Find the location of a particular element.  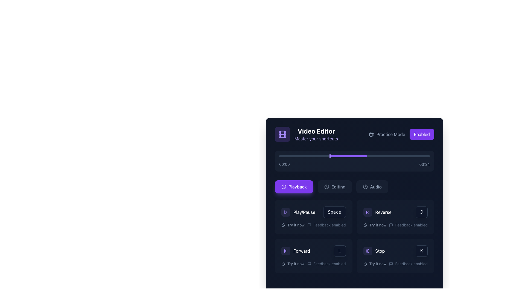

the triangular play button icon located in the 'Playback' UI component near the top-left is located at coordinates (285, 212).